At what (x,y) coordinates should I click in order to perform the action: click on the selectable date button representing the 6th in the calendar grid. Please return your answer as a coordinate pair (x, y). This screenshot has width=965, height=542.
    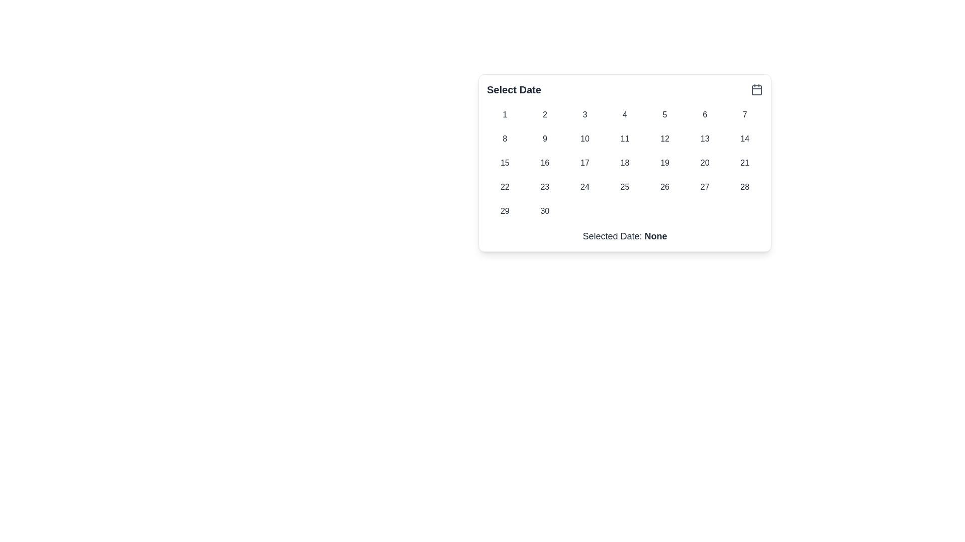
    Looking at the image, I should click on (704, 114).